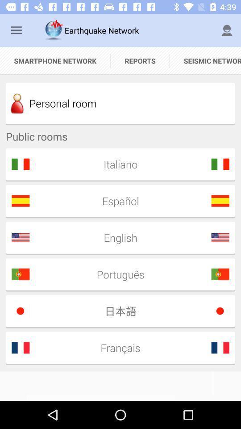  What do you see at coordinates (227, 30) in the screenshot?
I see `item to the right of the reports app` at bounding box center [227, 30].